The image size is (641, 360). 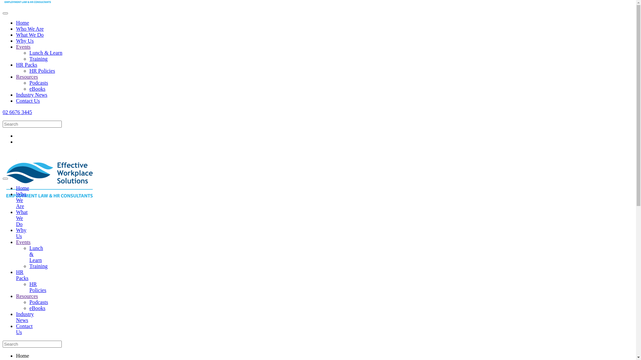 I want to click on 'Why Us', so click(x=25, y=41).